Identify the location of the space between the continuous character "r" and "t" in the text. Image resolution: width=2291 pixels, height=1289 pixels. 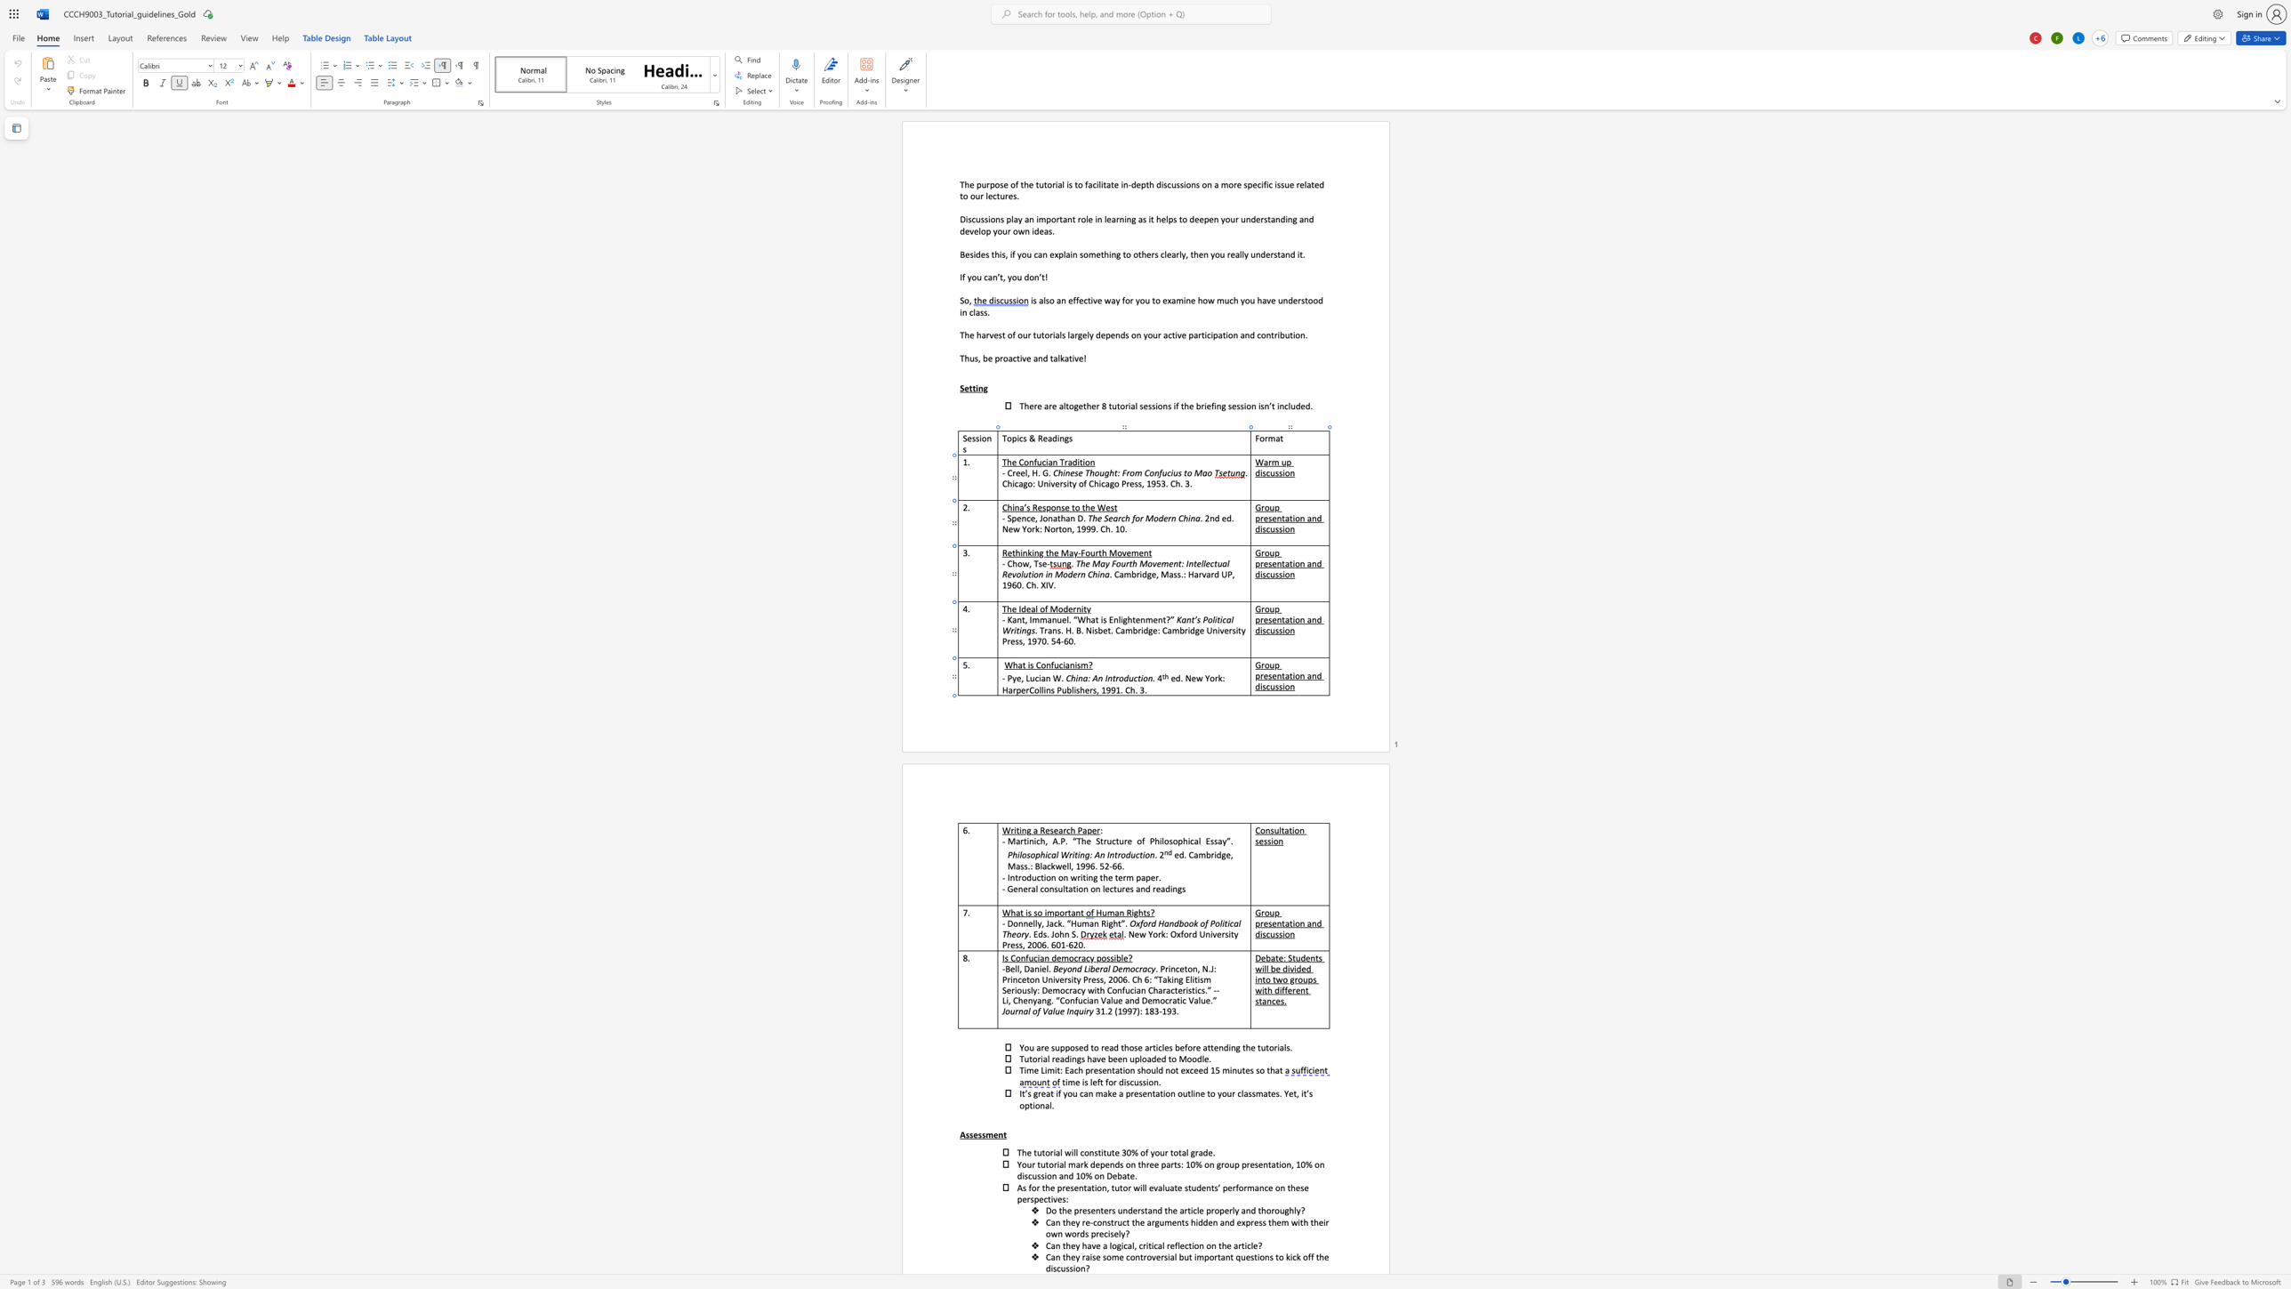
(1022, 841).